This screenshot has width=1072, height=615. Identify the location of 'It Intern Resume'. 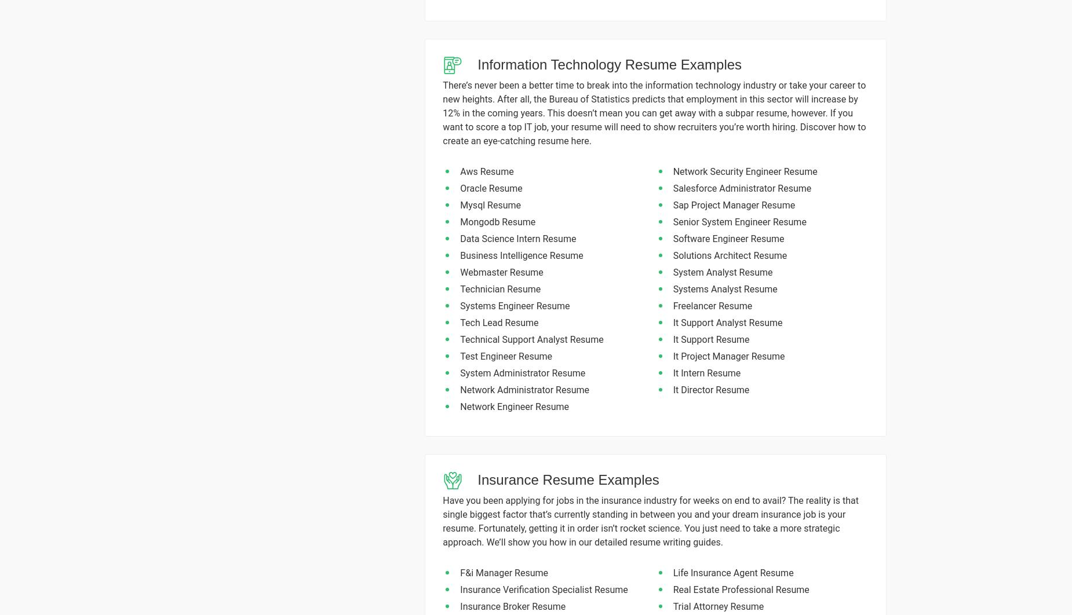
(672, 373).